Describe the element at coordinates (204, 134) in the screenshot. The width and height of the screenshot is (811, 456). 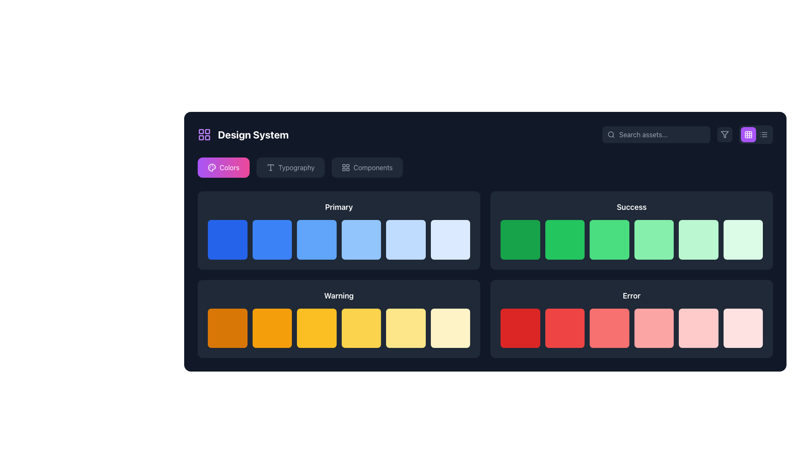
I see `the small grid-like icon with a purple outline on a dark background, positioned before the 'Design System' text` at that location.